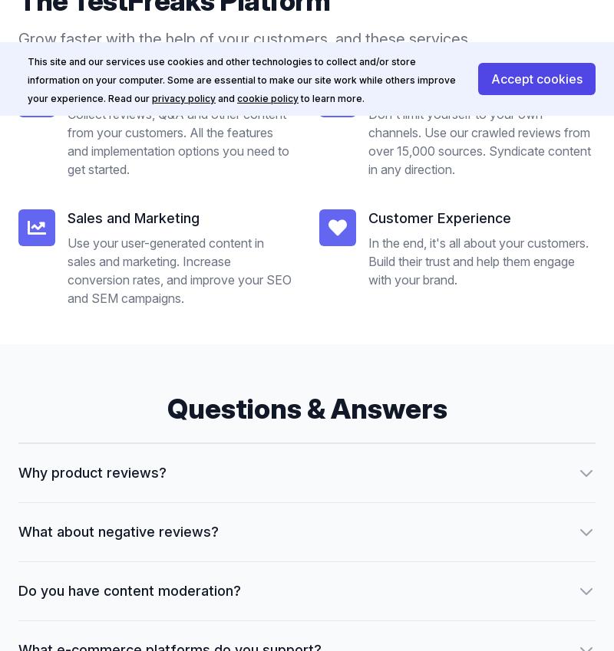  What do you see at coordinates (305, 409) in the screenshot?
I see `'Questions & Answers'` at bounding box center [305, 409].